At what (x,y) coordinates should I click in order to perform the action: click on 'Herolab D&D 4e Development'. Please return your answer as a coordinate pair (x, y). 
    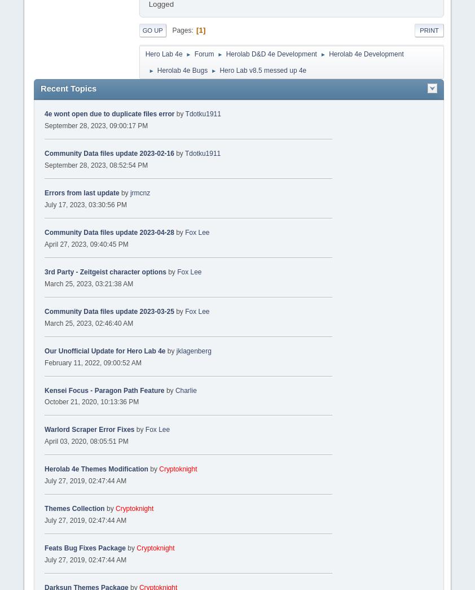
    Looking at the image, I should click on (270, 54).